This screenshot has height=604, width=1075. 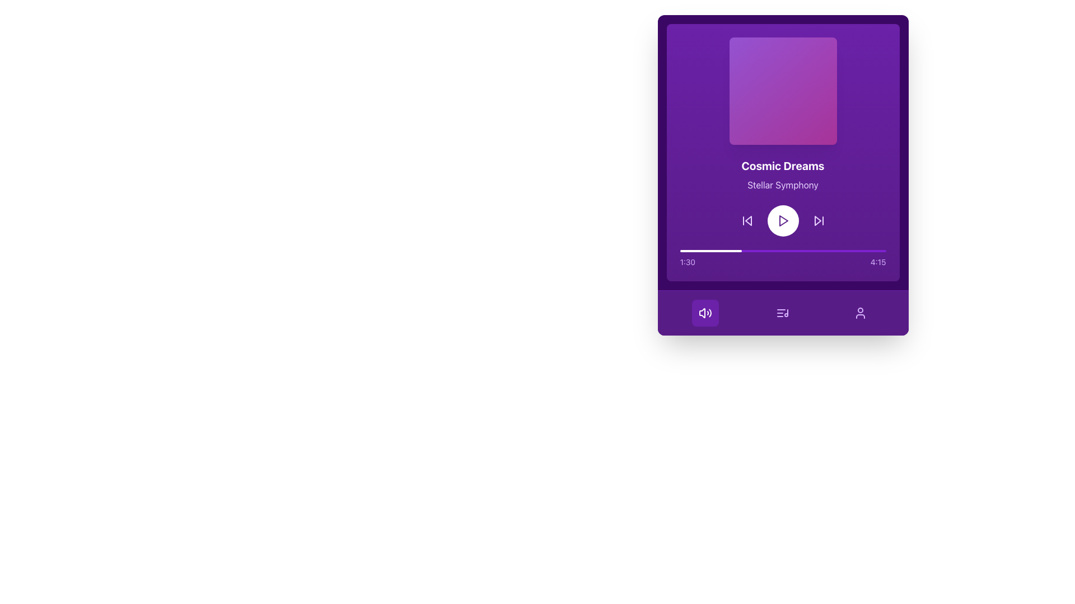 I want to click on the rightmost Icon button with a rounded rectangle shape and a purple background featuring a user icon, so click(x=860, y=313).